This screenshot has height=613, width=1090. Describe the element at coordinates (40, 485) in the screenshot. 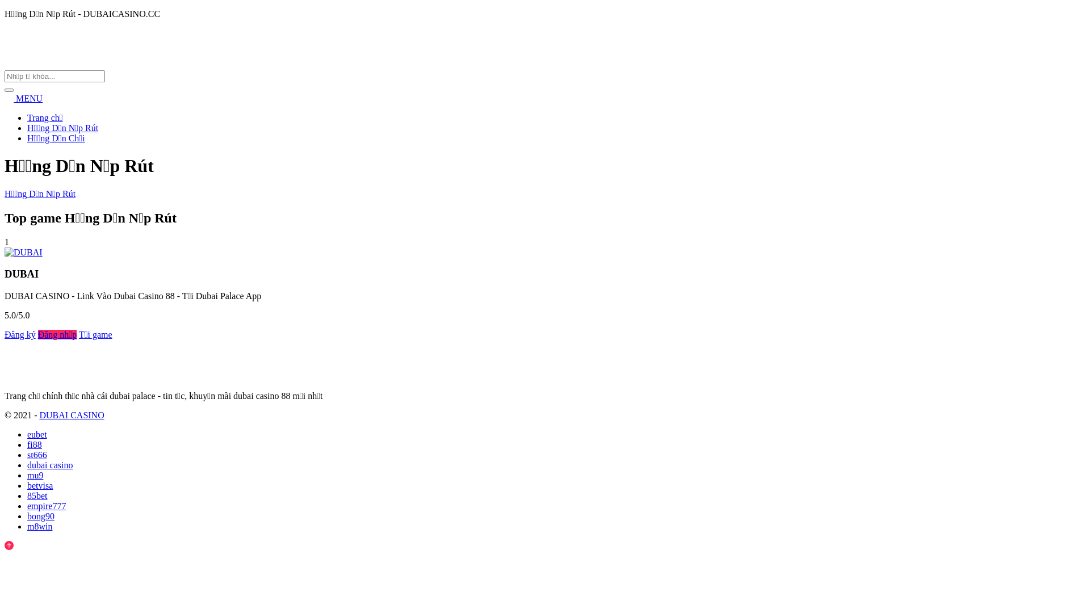

I see `'betvisa'` at that location.